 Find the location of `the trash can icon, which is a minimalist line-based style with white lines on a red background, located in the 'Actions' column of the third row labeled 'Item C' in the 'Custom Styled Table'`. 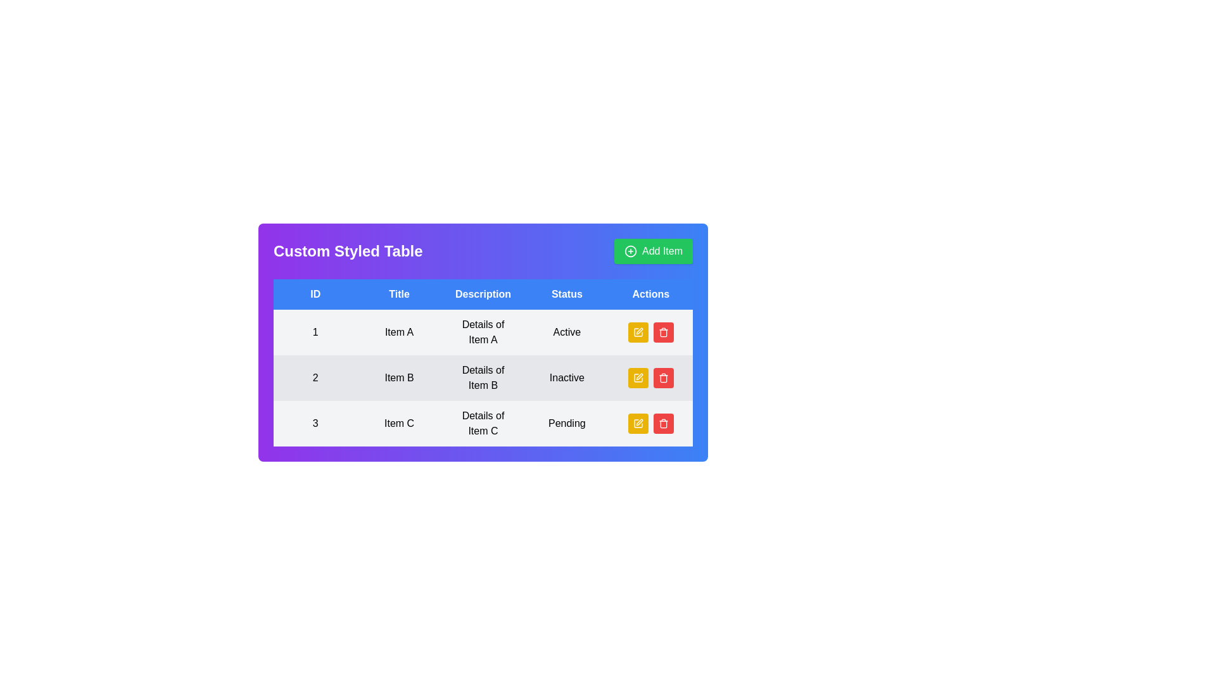

the trash can icon, which is a minimalist line-based style with white lines on a red background, located in the 'Actions' column of the third row labeled 'Item C' in the 'Custom Styled Table' is located at coordinates (662, 423).